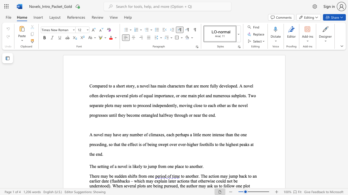 The height and width of the screenshot is (195, 348). What do you see at coordinates (109, 95) in the screenshot?
I see `the subset text "ops several plots of equal importance, or on" within the text "Compared to a short story, a novel has main characters that are more fully developed. A novel often develops several plots of equal importance, or one main plot and"` at bounding box center [109, 95].